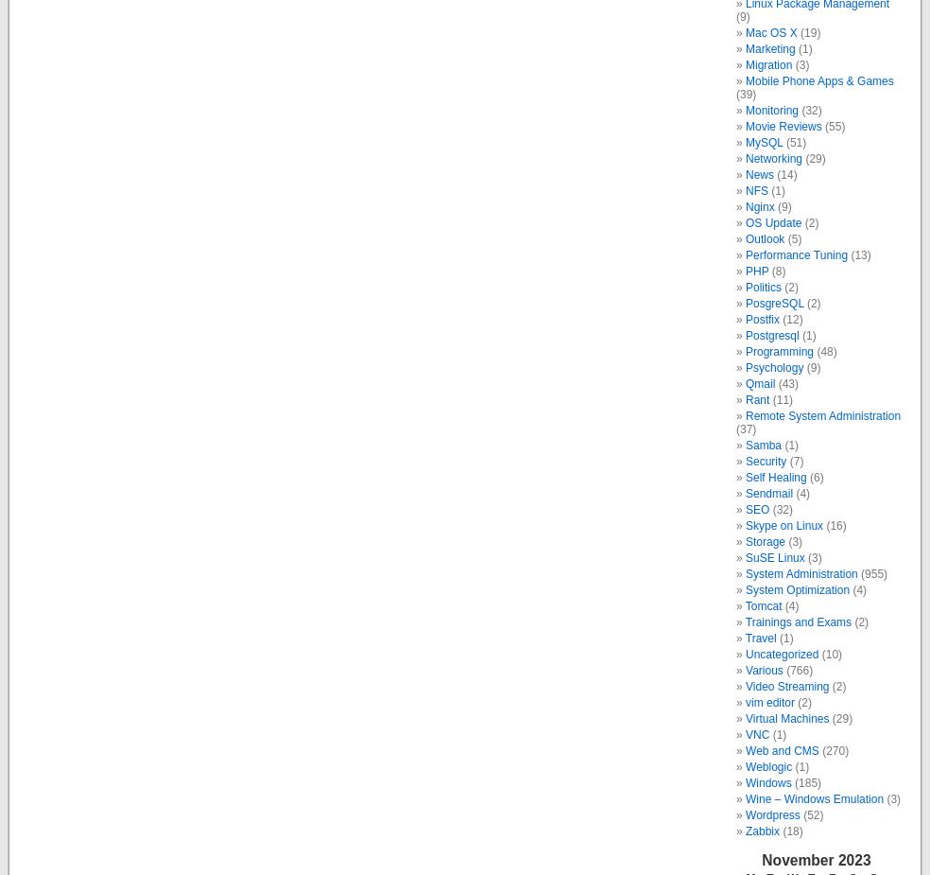  I want to click on '(11)', so click(780, 399).